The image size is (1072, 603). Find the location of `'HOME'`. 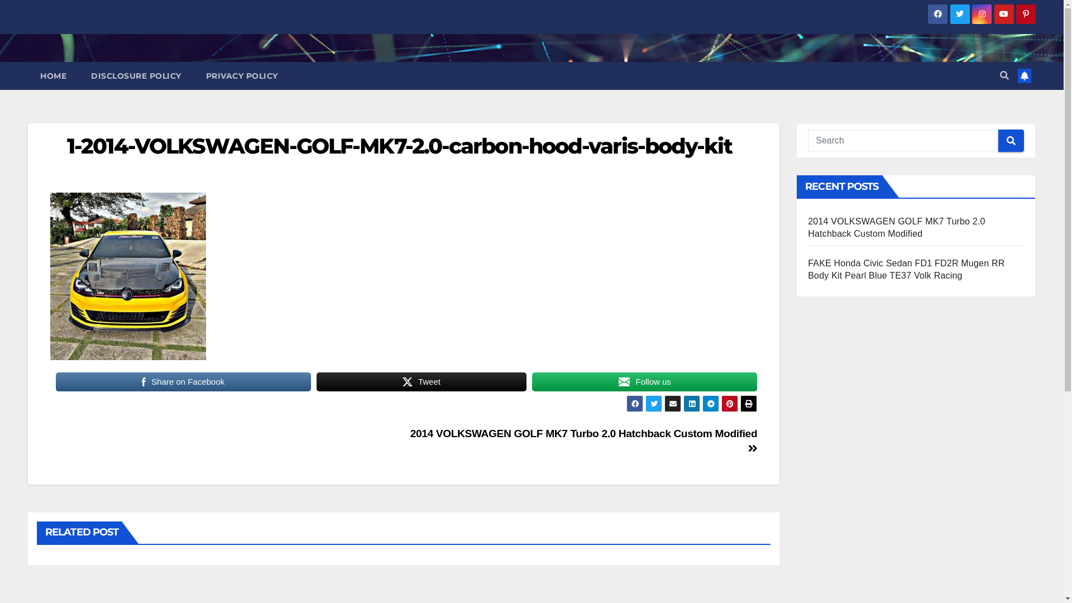

'HOME' is located at coordinates (52, 75).